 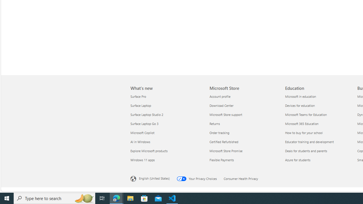 I want to click on 'Your Privacy Choices Opt-Out Icon Your Privacy Choices', so click(x=200, y=178).